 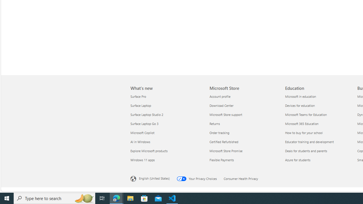 I want to click on 'Your Privacy Choices Opt-Out Icon Your Privacy Choices', so click(x=200, y=178).